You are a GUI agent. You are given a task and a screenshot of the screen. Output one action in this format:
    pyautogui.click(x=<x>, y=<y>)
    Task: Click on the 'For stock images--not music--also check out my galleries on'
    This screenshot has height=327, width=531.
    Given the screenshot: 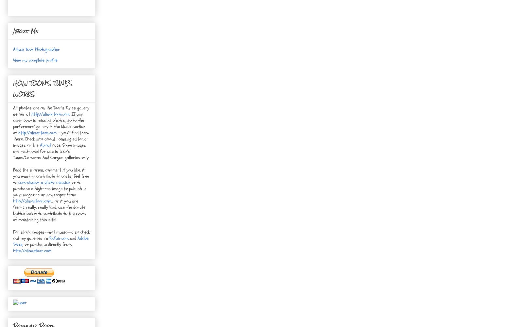 What is the action you would take?
    pyautogui.click(x=51, y=235)
    